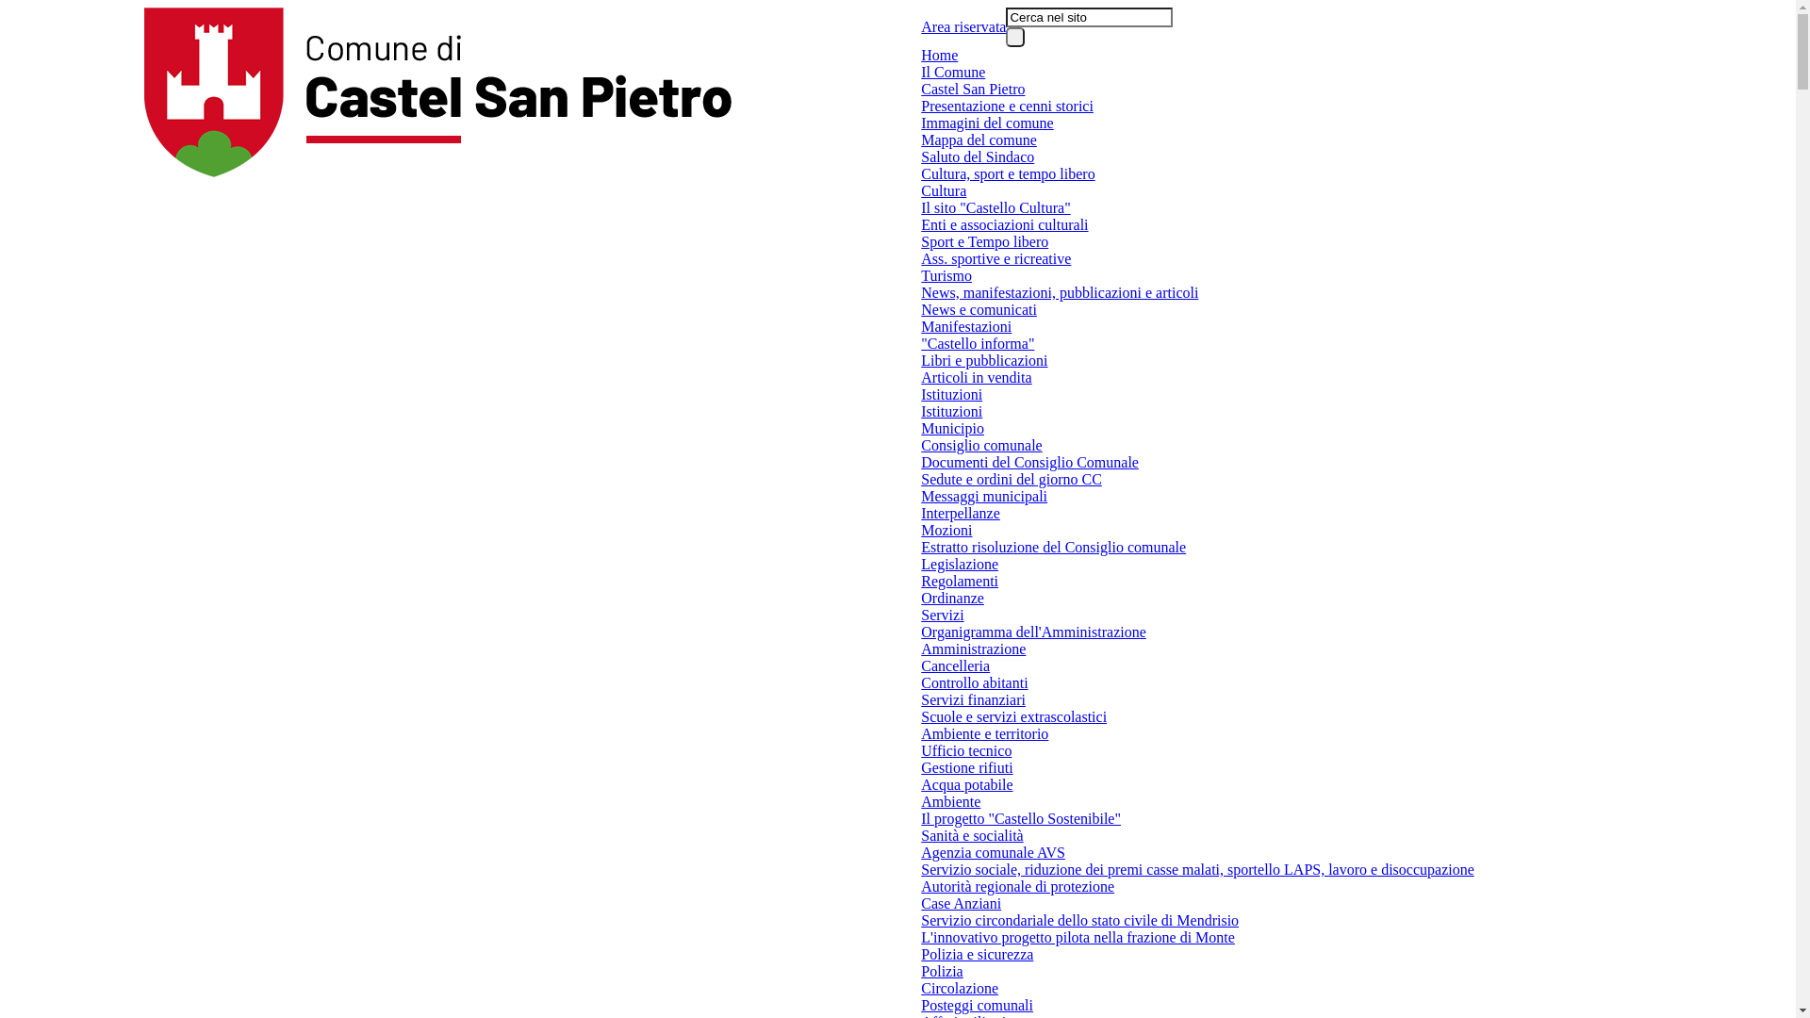  Describe the element at coordinates (985, 123) in the screenshot. I see `'Immagini del comune'` at that location.